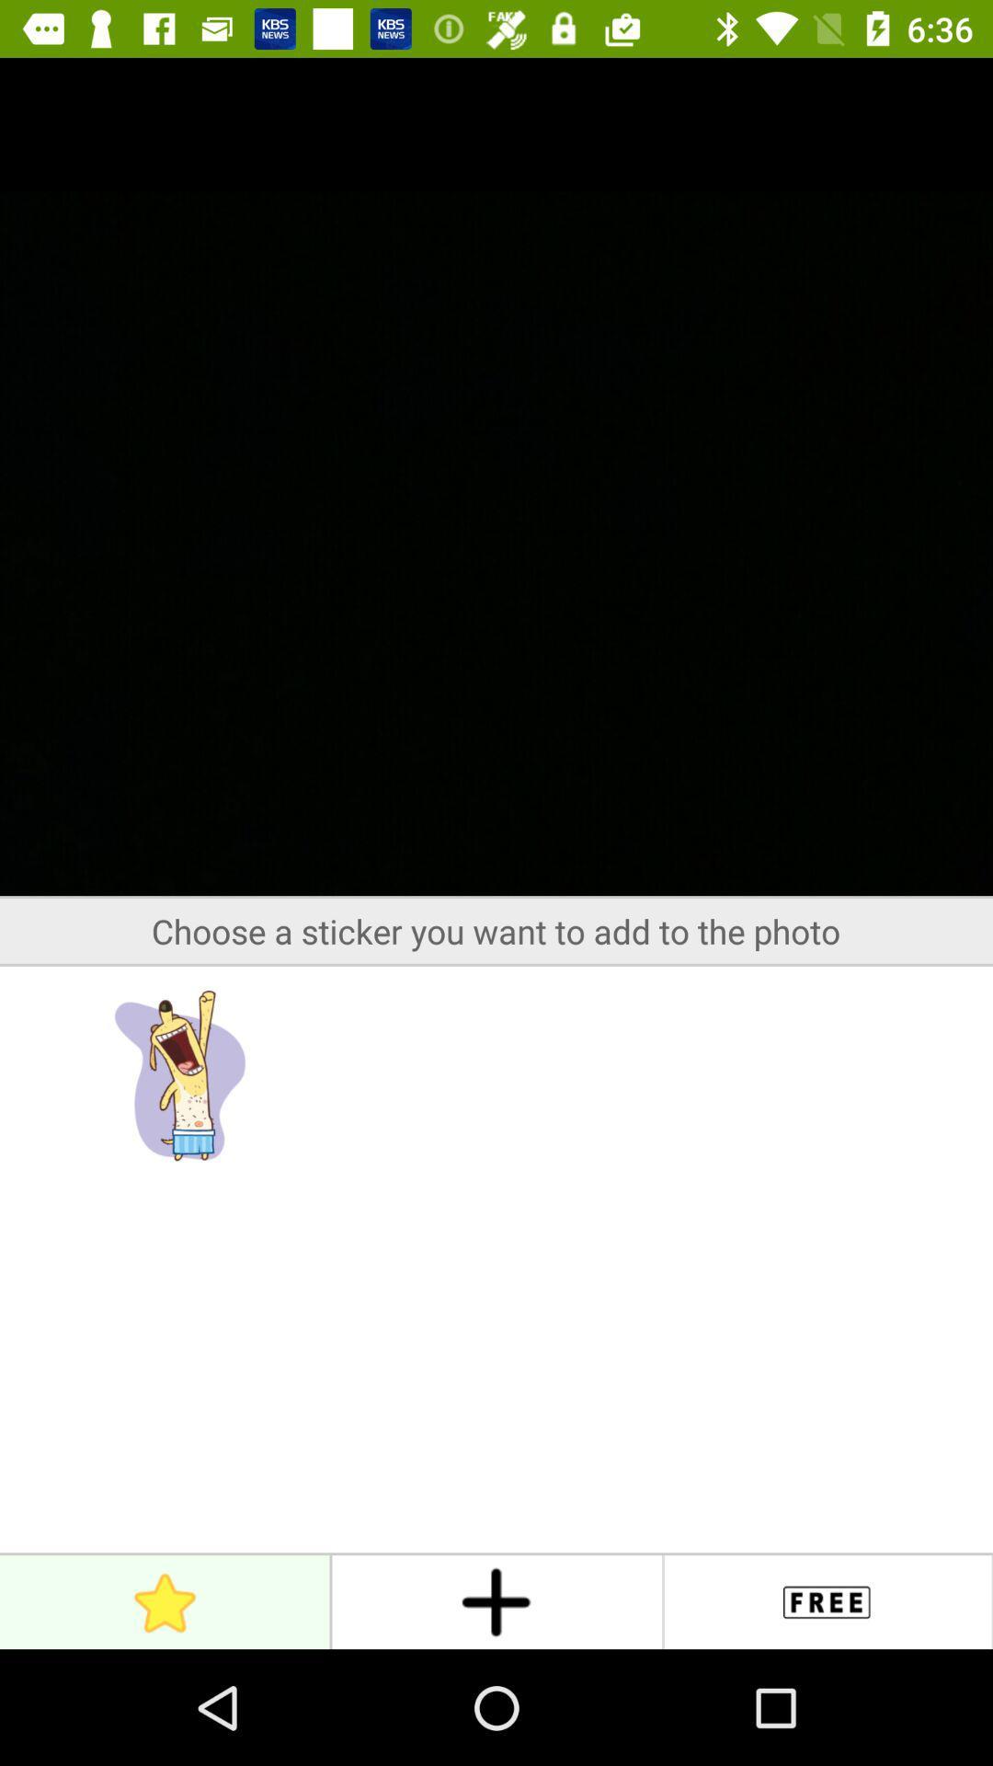 The height and width of the screenshot is (1766, 993). Describe the element at coordinates (496, 1601) in the screenshot. I see `the add icon` at that location.